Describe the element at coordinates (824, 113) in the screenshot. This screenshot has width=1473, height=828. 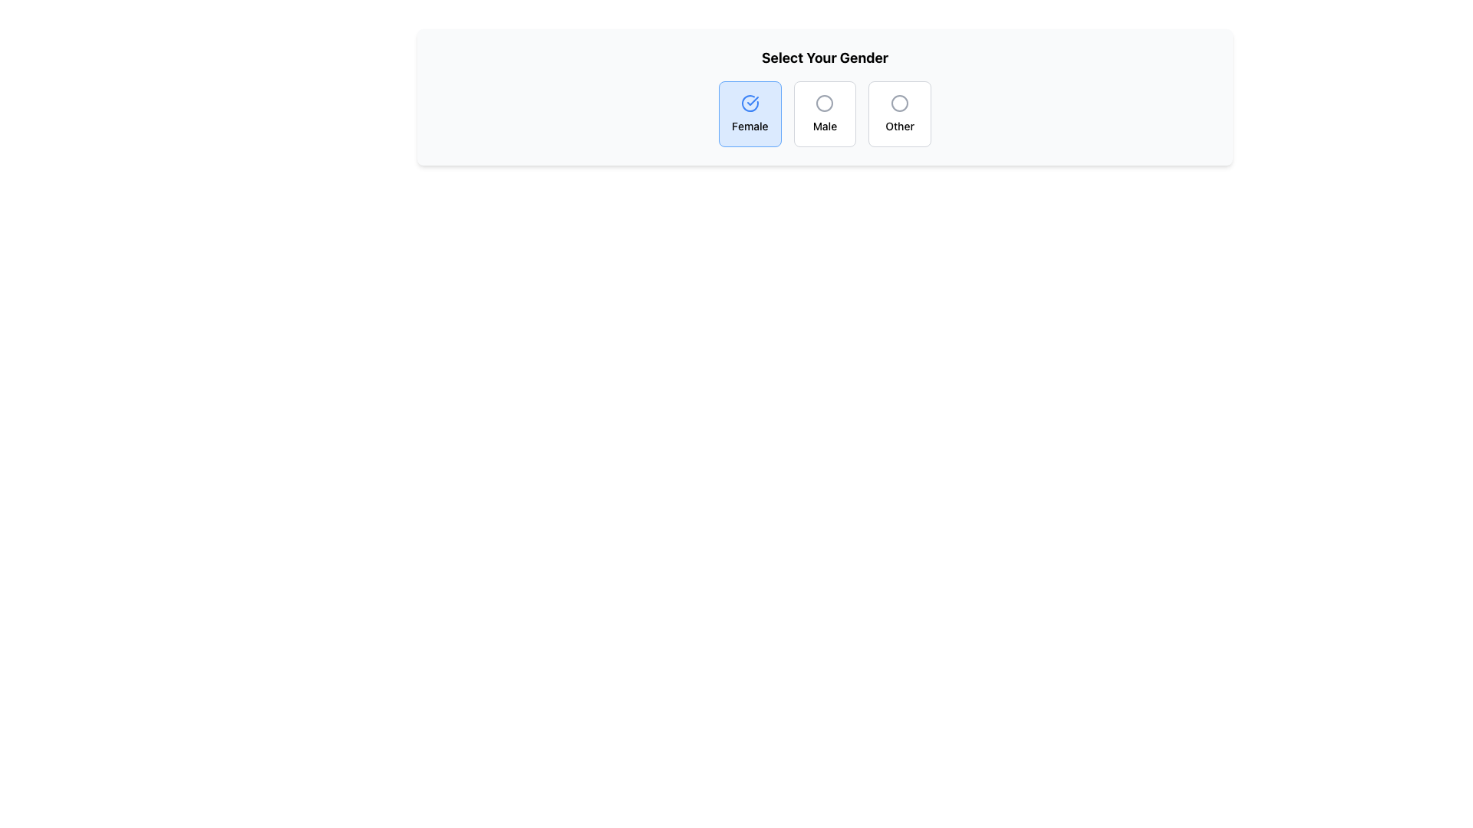
I see `the 'Male' card in the grid of button cards, which is highlighted in blue and located beneath the heading 'Select Your Gender'` at that location.